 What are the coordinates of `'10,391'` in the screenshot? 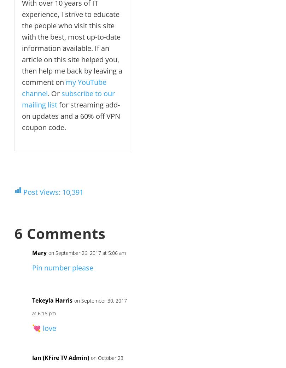 It's located at (72, 192).